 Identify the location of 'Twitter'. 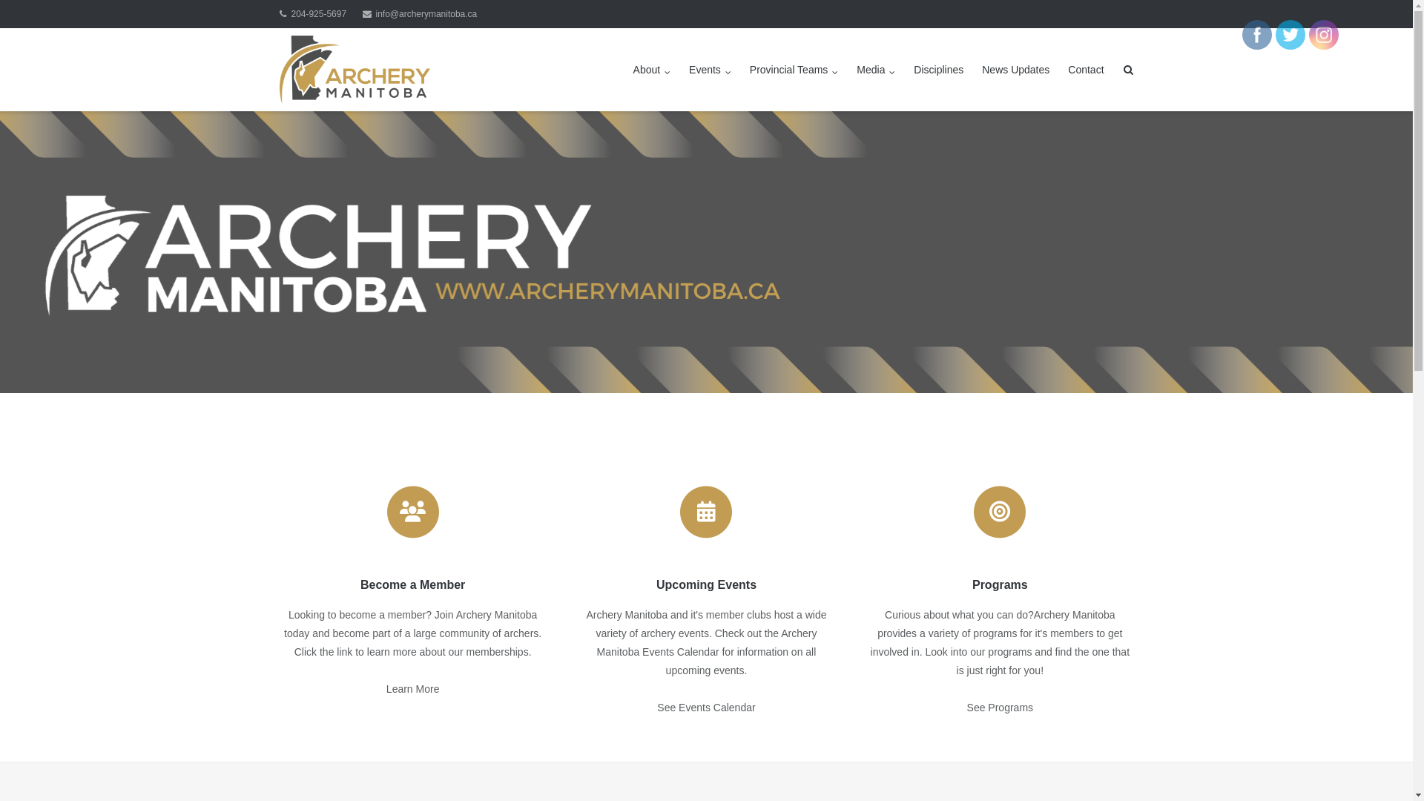
(1289, 33).